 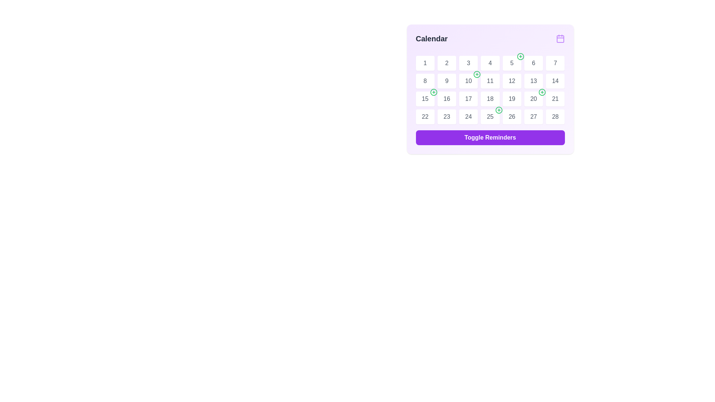 I want to click on the calendar day cell labeled '14', so click(x=555, y=81).